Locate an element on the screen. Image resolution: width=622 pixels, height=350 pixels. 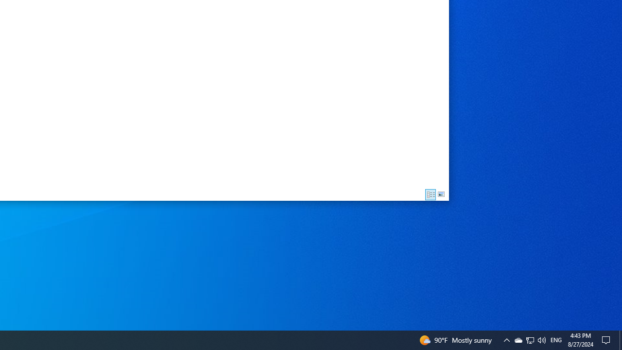
'Large Icons' is located at coordinates (441, 194).